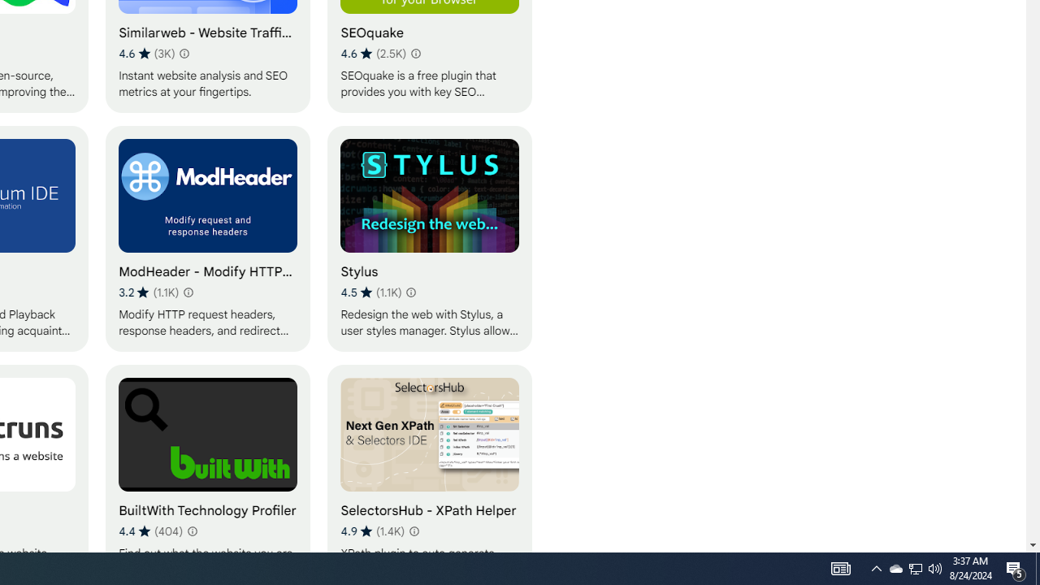  What do you see at coordinates (416, 52) in the screenshot?
I see `'Learn more about results and reviews "SEOquake"'` at bounding box center [416, 52].